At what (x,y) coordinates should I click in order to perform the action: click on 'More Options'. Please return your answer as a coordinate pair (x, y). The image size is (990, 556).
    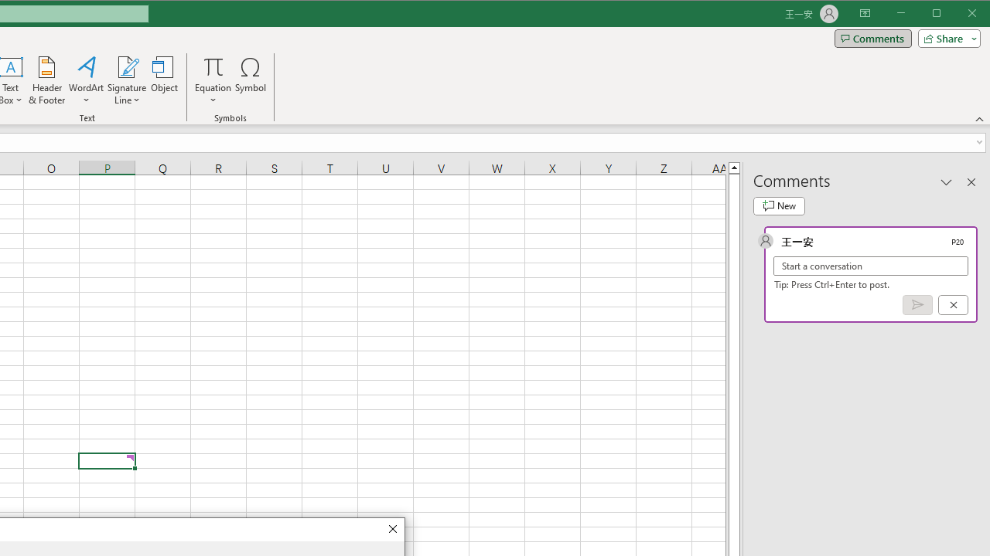
    Looking at the image, I should click on (212, 95).